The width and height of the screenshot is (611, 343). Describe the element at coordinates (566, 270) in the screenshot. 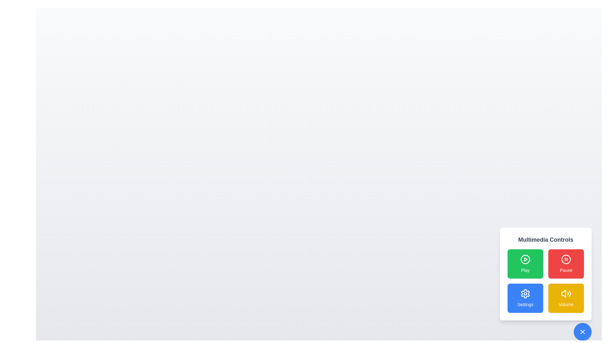

I see `the text label that indicates the functionality of the pause button, which is located within a red rectangular button in the top row and second column of the grid layout` at that location.